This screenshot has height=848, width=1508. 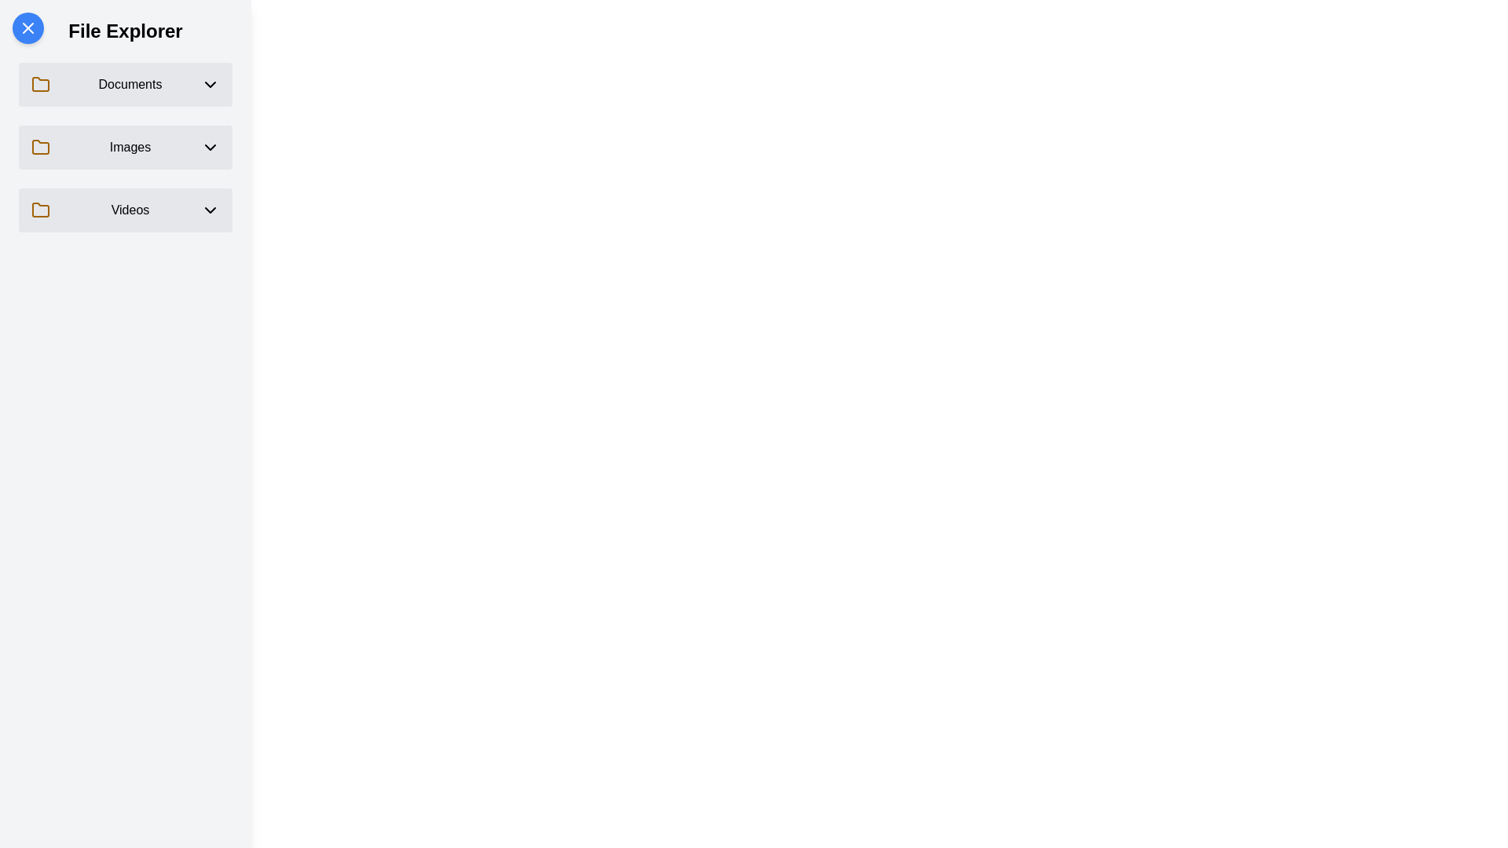 What do you see at coordinates (27, 27) in the screenshot?
I see `the close 'X' icon located inside the blue circular button at the top-left corner` at bounding box center [27, 27].